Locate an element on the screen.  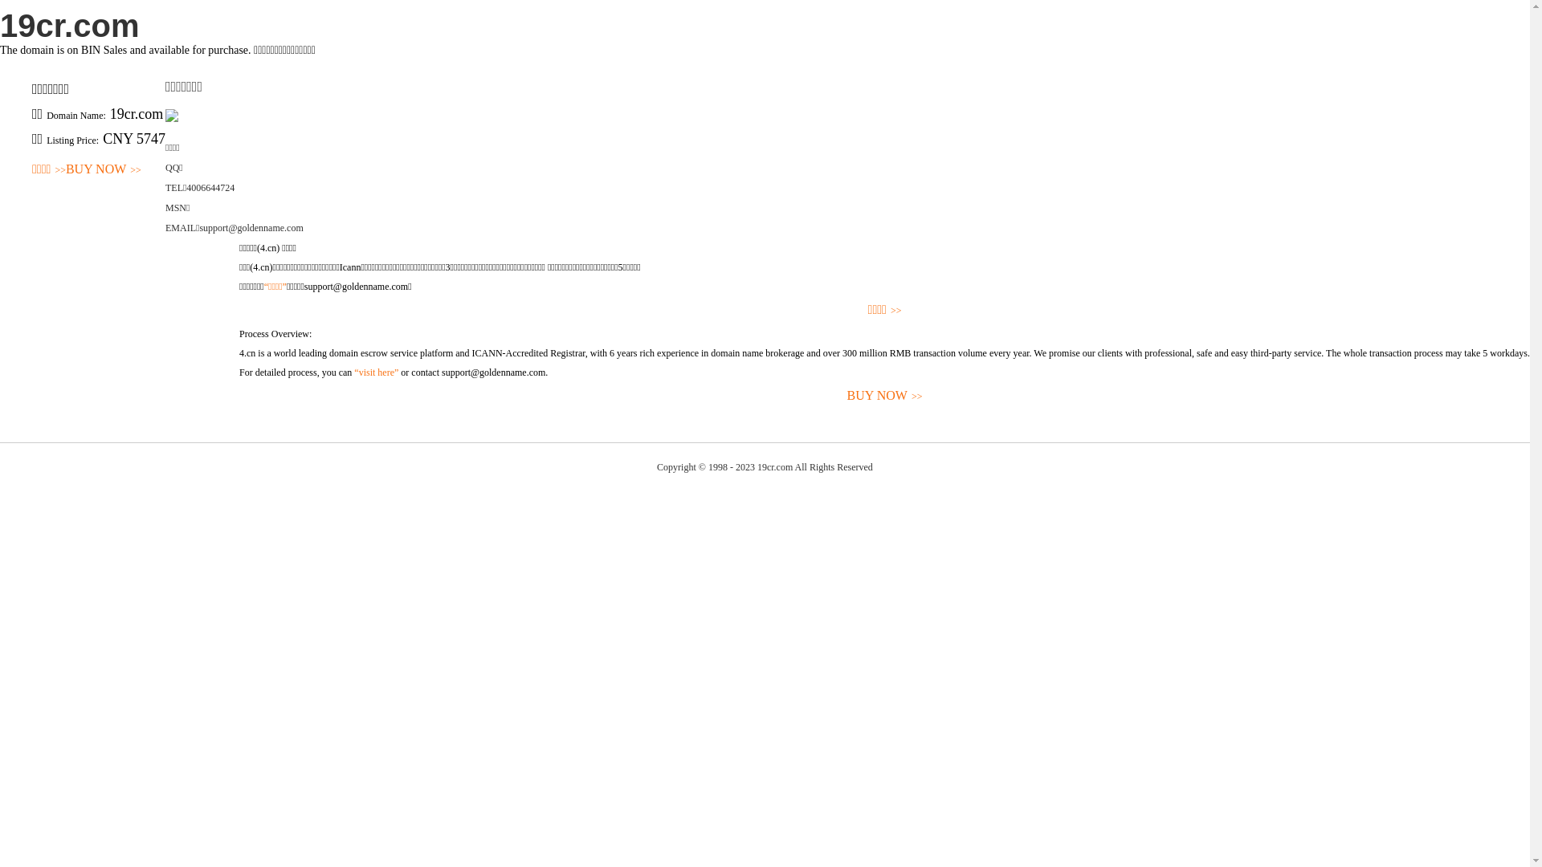
'BUY NOW>>' is located at coordinates (883, 396).